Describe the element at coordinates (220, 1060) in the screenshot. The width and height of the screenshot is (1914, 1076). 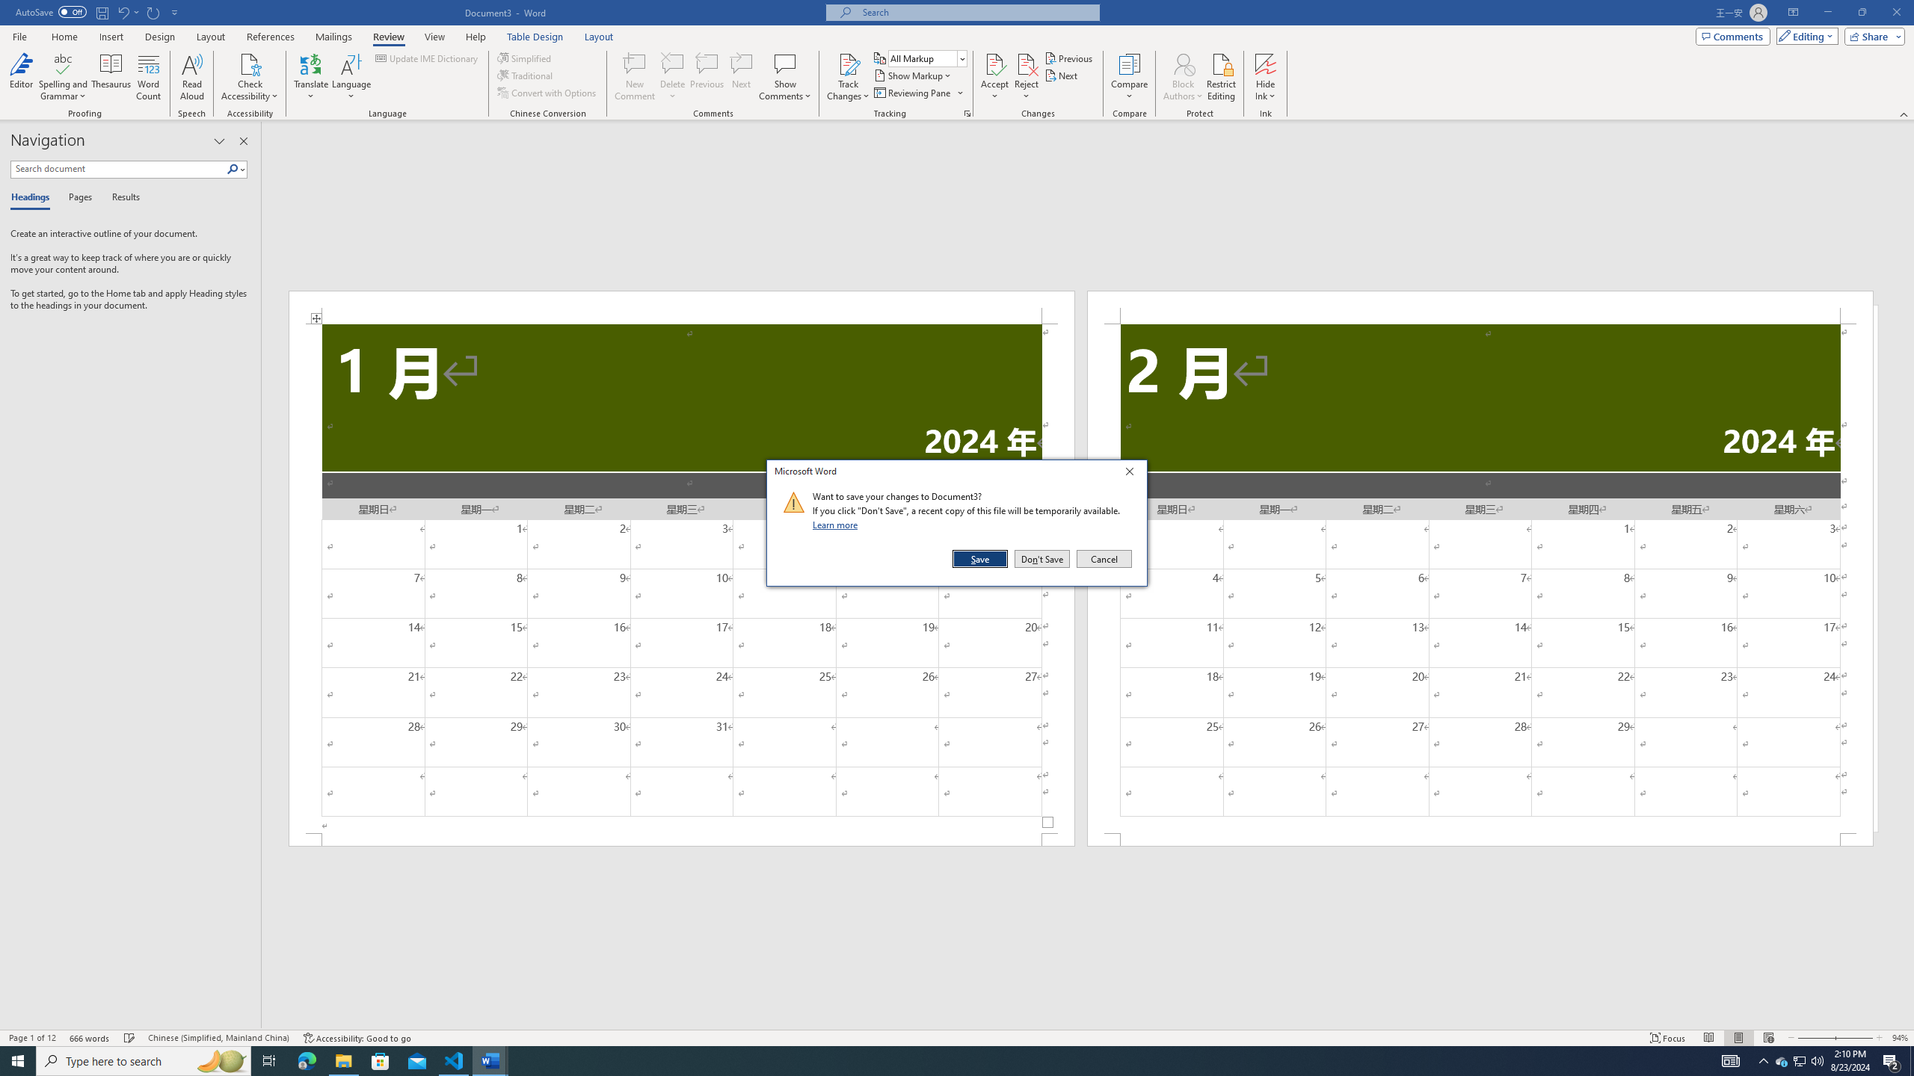
I see `'Search highlights icon opens search home window'` at that location.